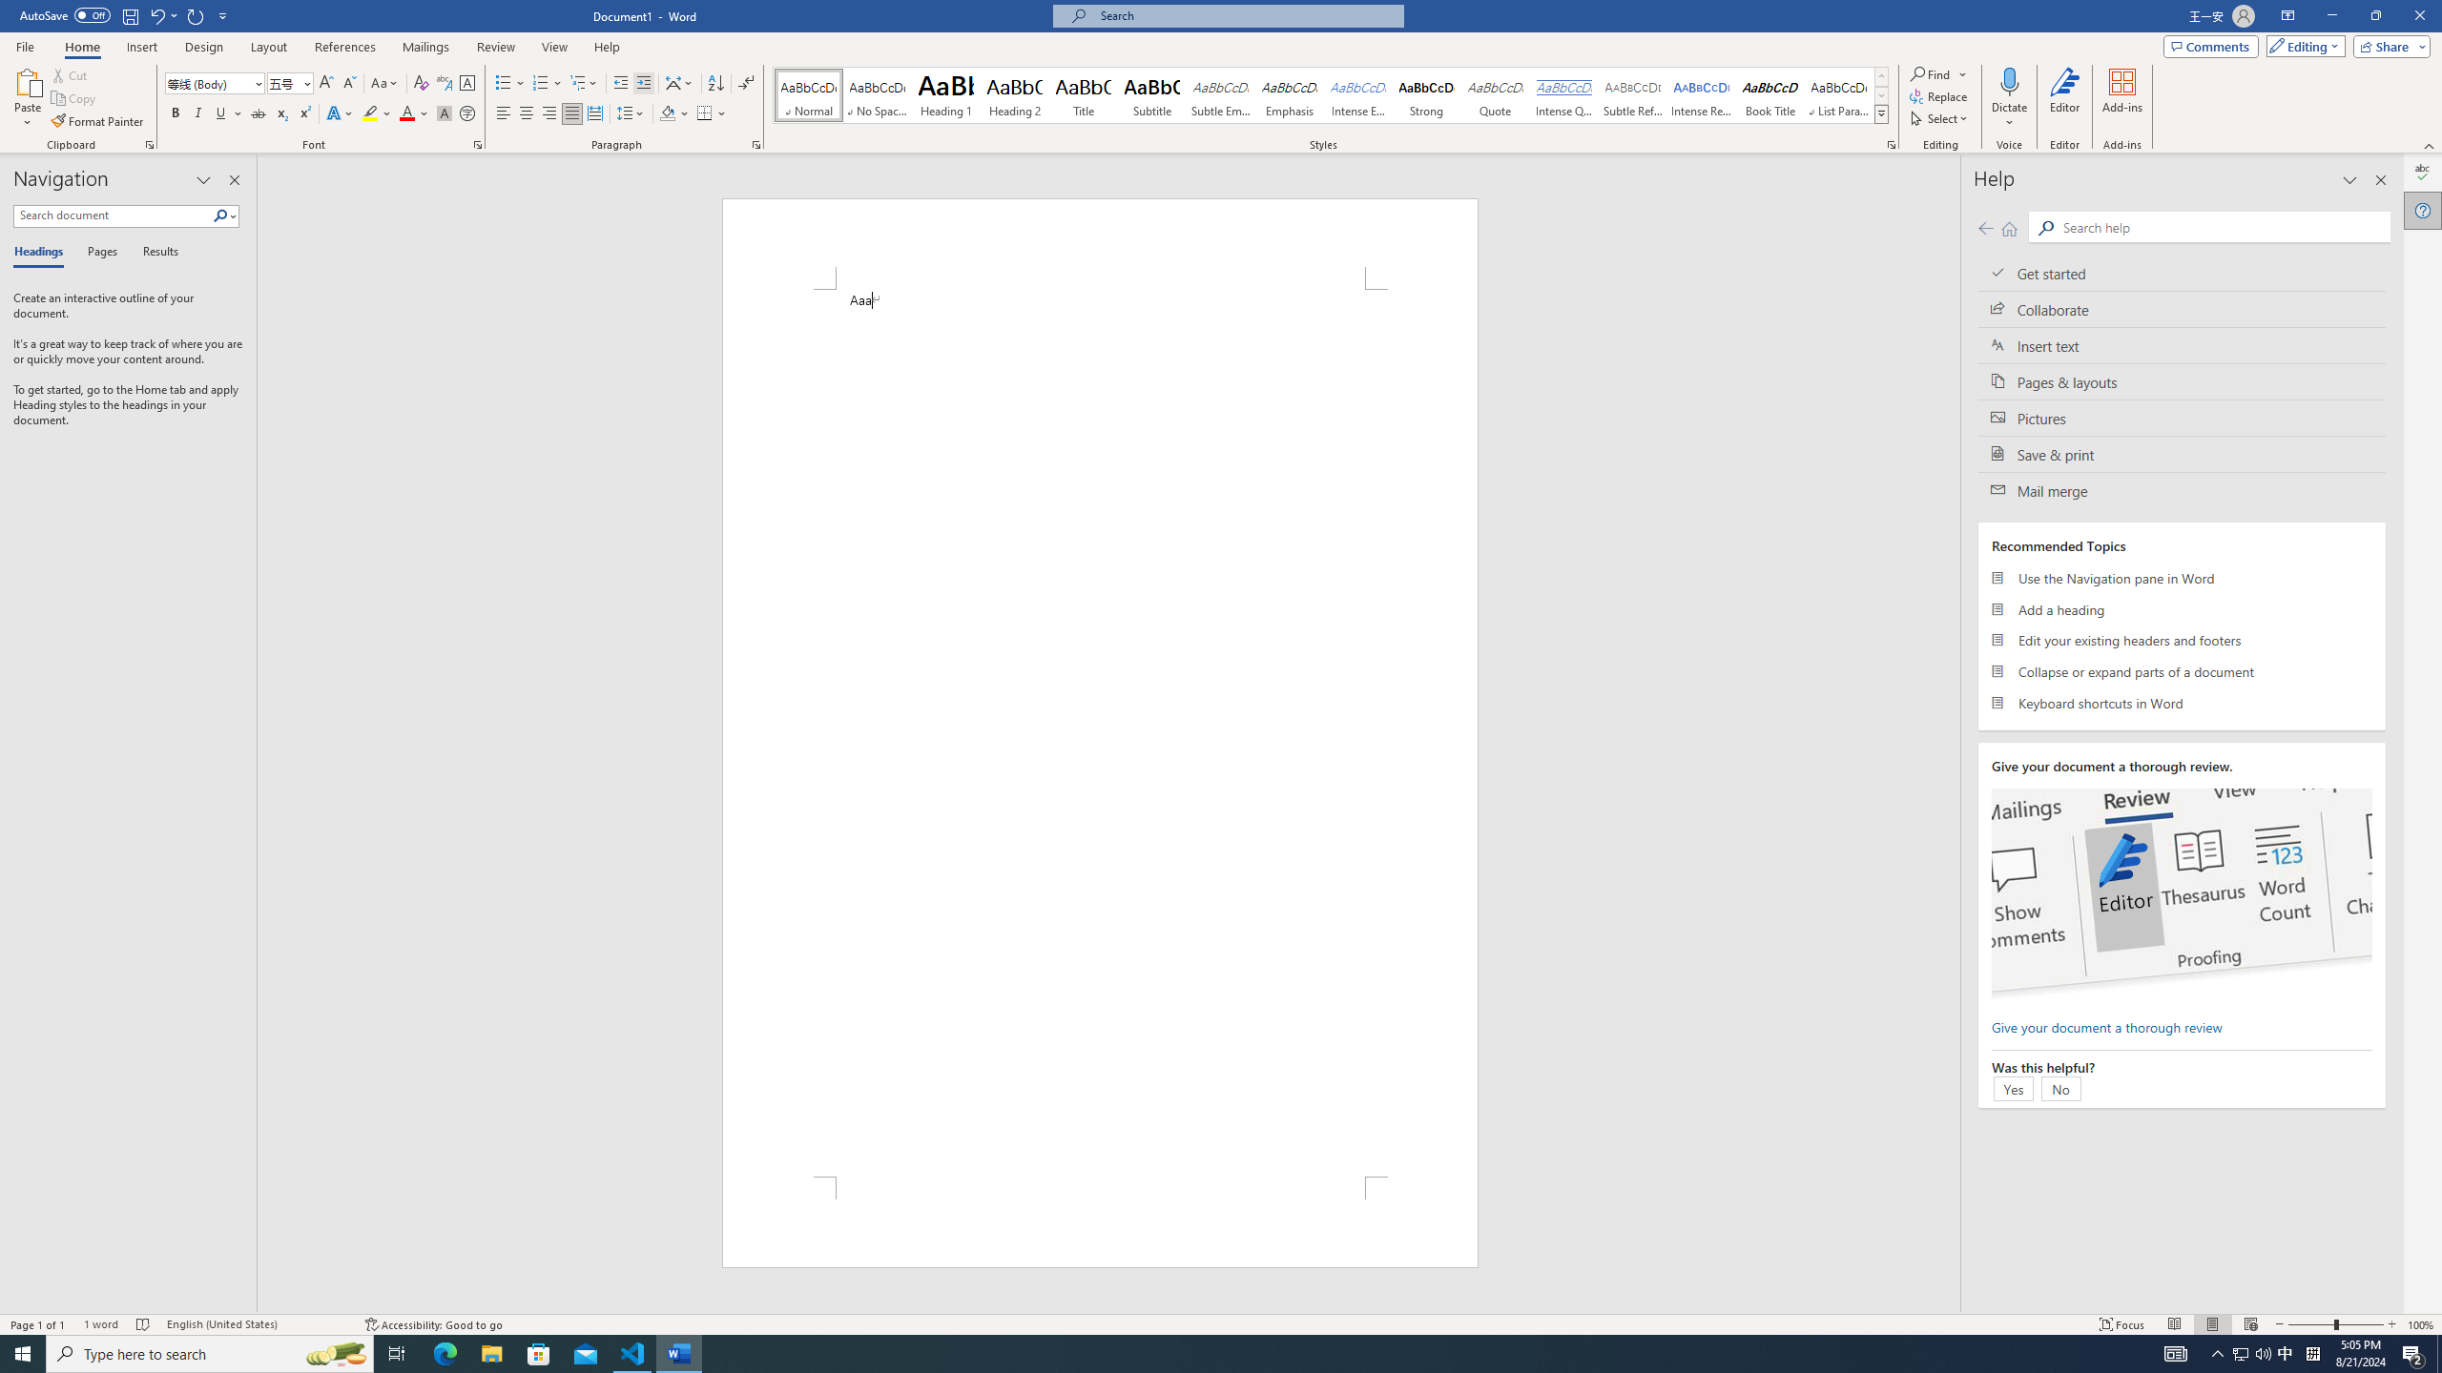 This screenshot has width=2442, height=1373. Describe the element at coordinates (2181, 671) in the screenshot. I see `'Collapse or expand parts of a document'` at that location.